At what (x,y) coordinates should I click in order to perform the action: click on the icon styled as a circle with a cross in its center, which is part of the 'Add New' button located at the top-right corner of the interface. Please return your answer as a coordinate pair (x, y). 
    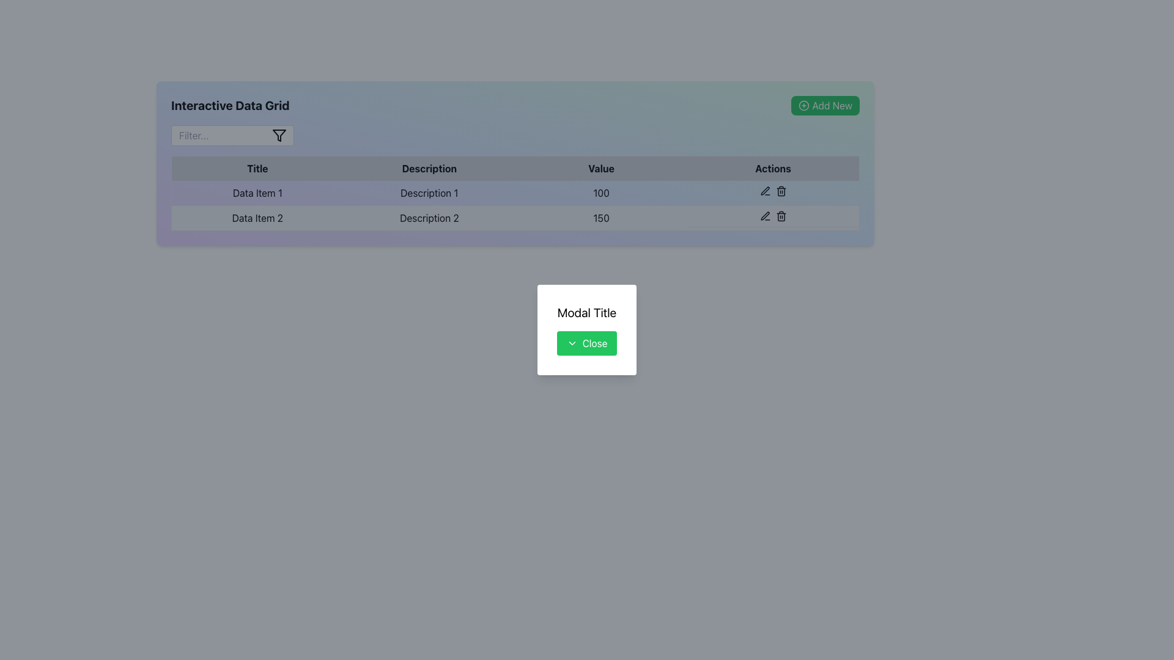
    Looking at the image, I should click on (804, 105).